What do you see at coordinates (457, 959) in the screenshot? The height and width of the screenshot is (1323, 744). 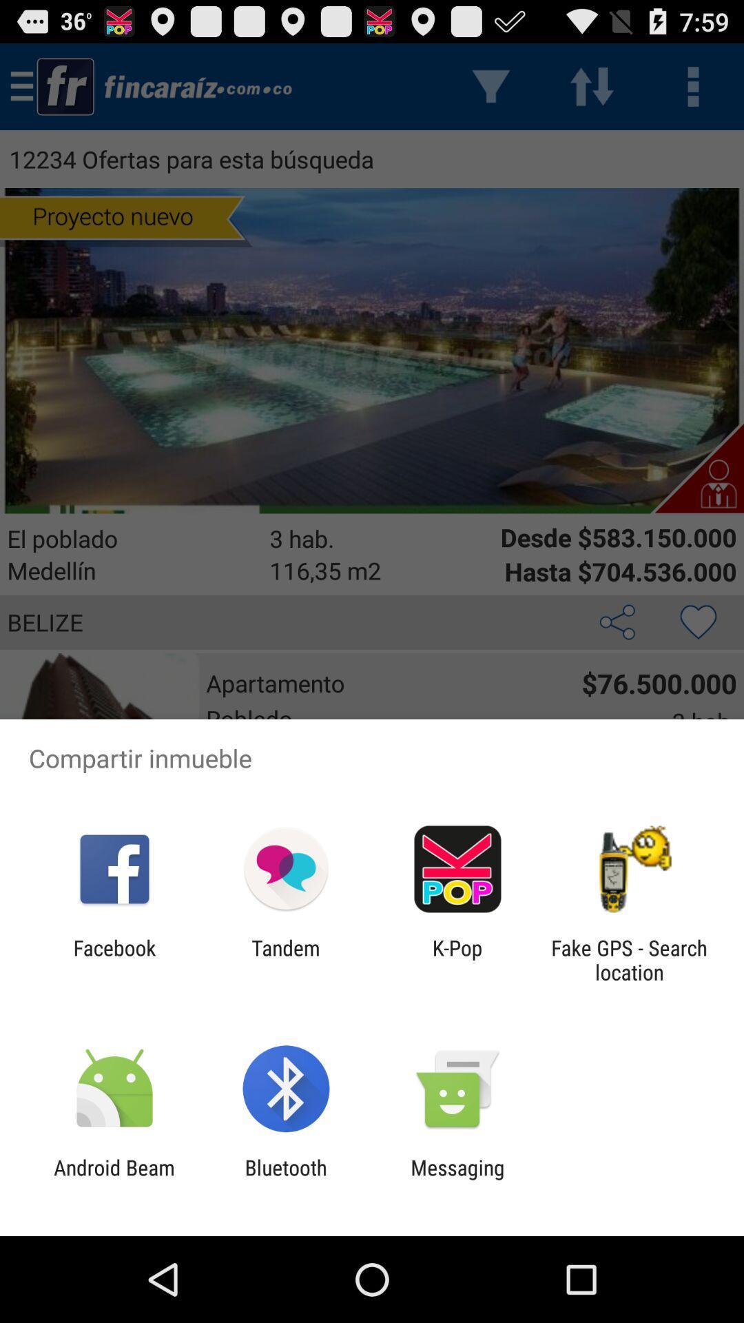 I see `the k-pop` at bounding box center [457, 959].